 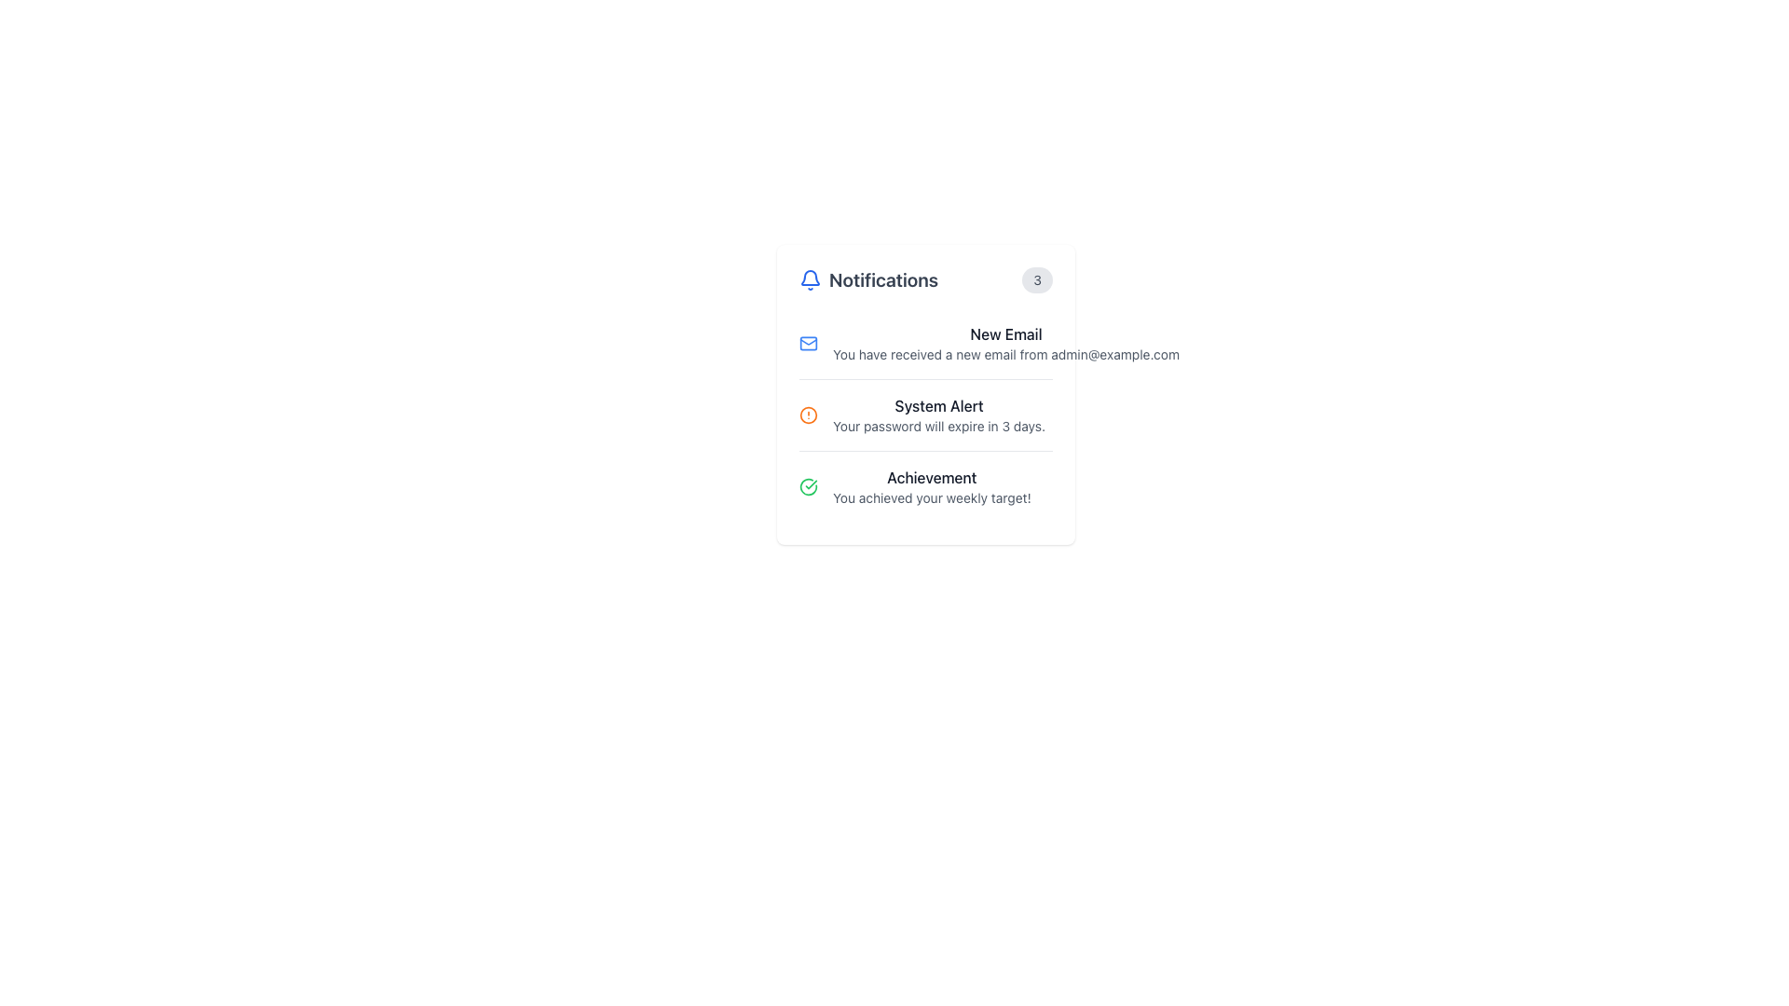 What do you see at coordinates (867, 279) in the screenshot?
I see `the header text element of the notification section, located in the top-left corner of the notification panel` at bounding box center [867, 279].